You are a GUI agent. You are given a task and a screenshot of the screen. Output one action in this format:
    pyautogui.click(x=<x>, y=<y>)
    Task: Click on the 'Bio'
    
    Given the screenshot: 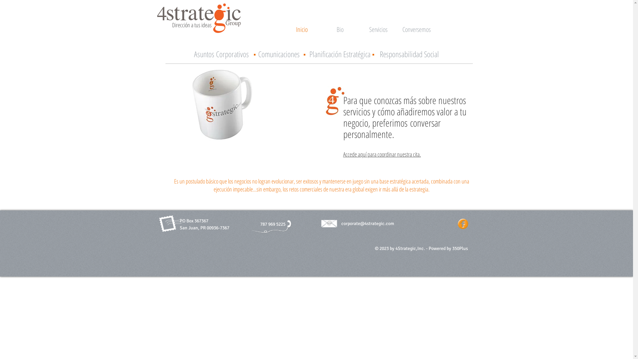 What is the action you would take?
    pyautogui.click(x=340, y=29)
    